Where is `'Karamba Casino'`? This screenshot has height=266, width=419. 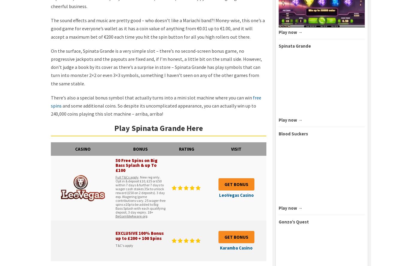 'Karamba Casino' is located at coordinates (236, 248).